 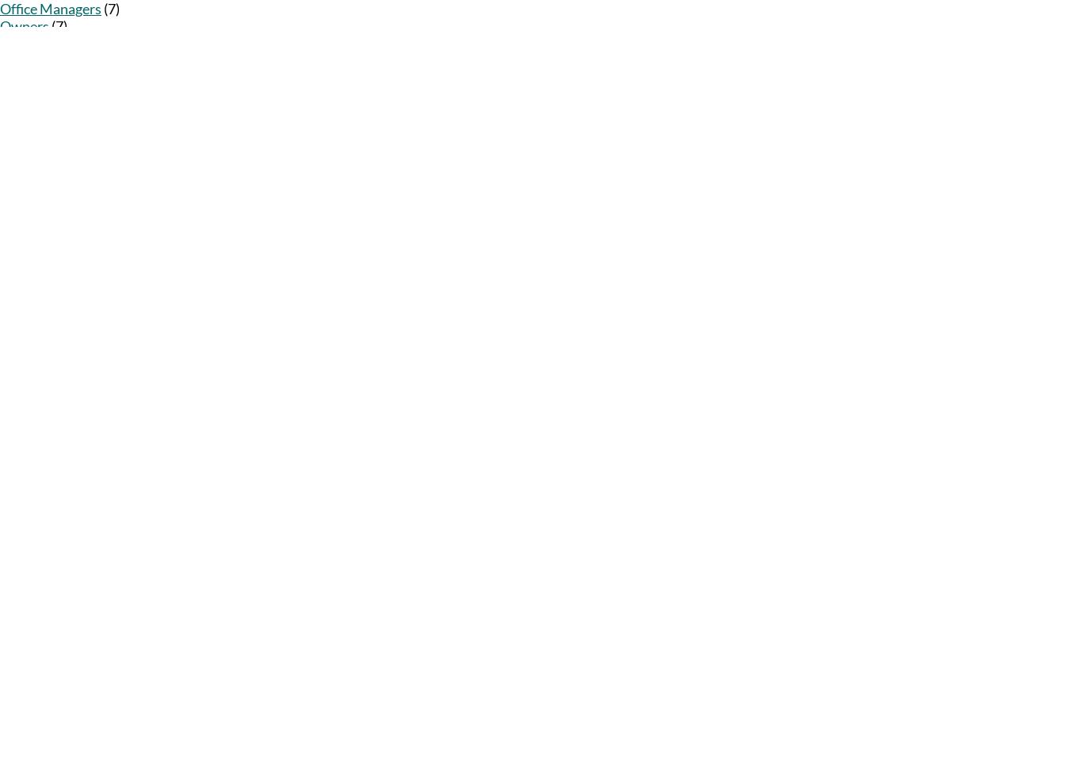 What do you see at coordinates (35, 414) in the screenshot?
I see `'POPULAR LINKS'` at bounding box center [35, 414].